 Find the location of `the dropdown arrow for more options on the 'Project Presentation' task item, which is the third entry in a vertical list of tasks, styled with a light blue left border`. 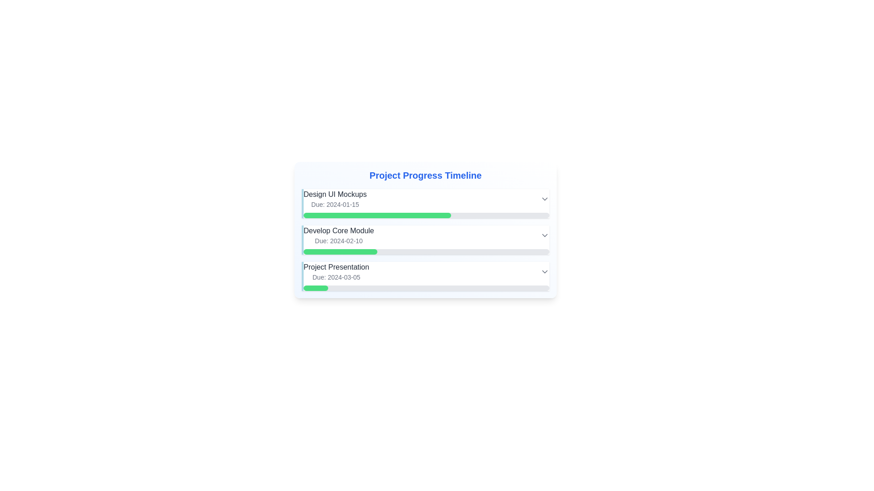

the dropdown arrow for more options on the 'Project Presentation' task item, which is the third entry in a vertical list of tasks, styled with a light blue left border is located at coordinates (425, 276).